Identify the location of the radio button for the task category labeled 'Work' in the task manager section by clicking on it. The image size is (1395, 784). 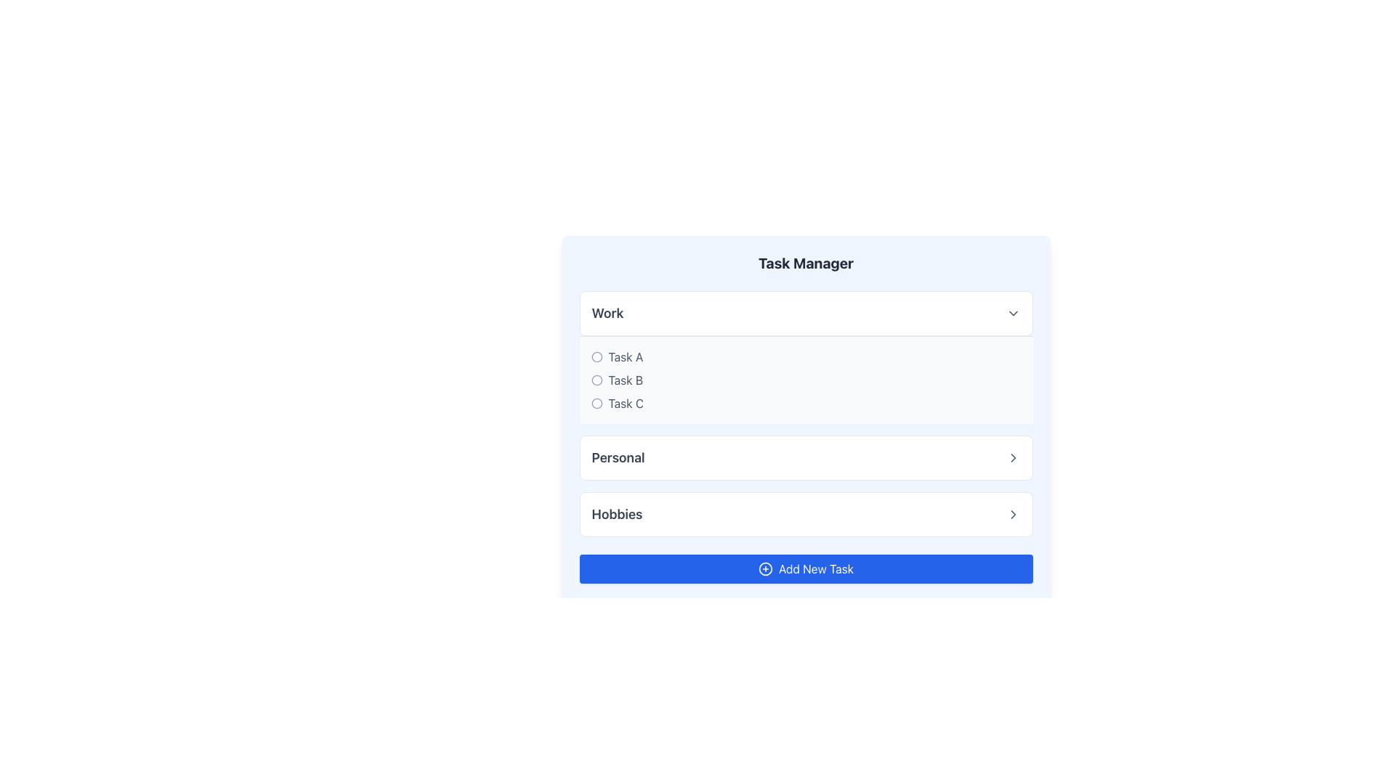
(805, 357).